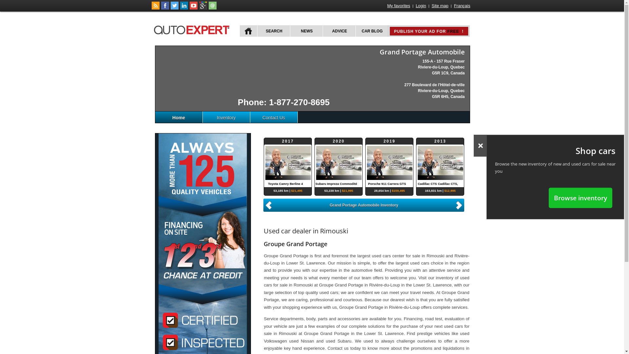  What do you see at coordinates (421, 6) in the screenshot?
I see `'Login'` at bounding box center [421, 6].